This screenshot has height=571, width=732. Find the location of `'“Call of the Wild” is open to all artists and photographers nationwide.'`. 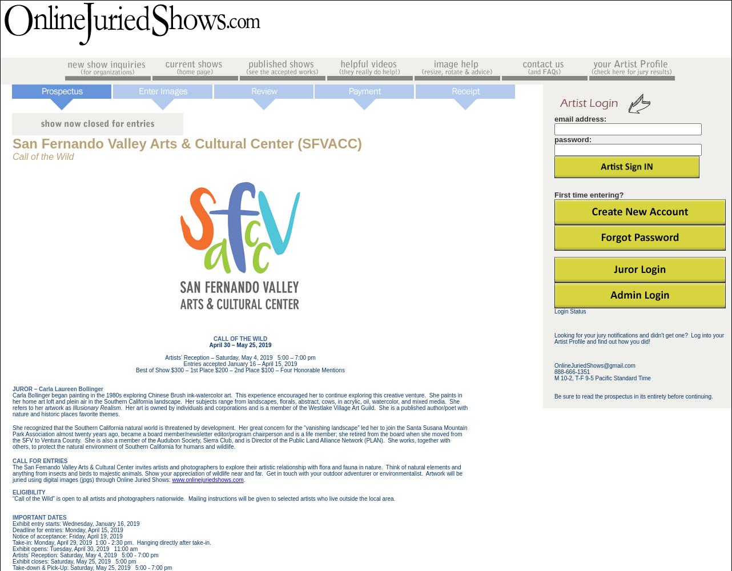

'“Call of the Wild” is open to all artists and photographers nationwide.' is located at coordinates (99, 497).